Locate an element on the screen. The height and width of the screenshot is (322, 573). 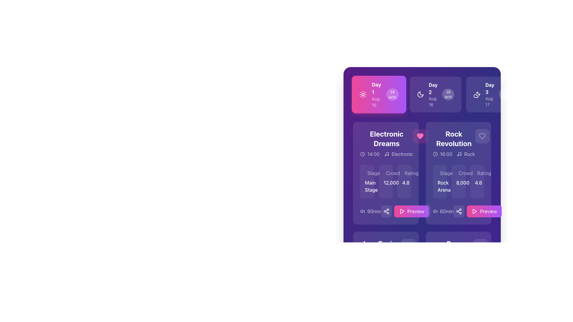
the scheduling icon located to the left of the text '16:00' in the top section of the 'Rock Revolution' card is located at coordinates (435, 154).